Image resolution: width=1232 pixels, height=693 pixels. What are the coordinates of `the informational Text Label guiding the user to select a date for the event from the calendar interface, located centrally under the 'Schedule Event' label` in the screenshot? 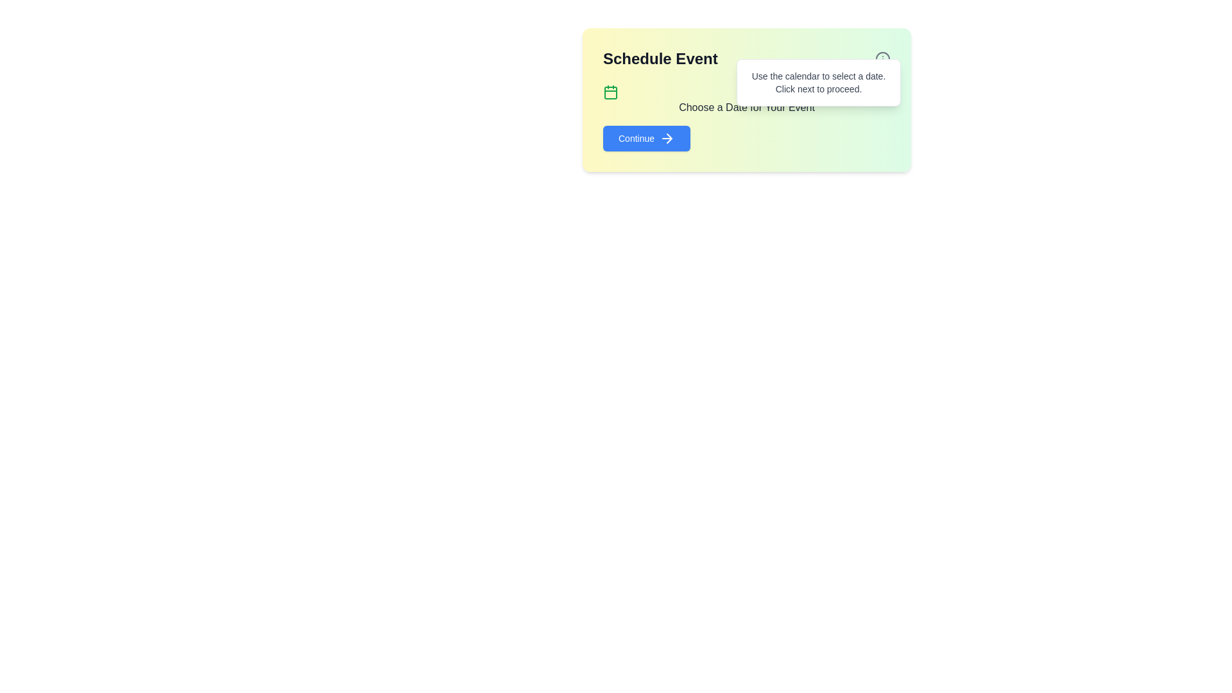 It's located at (746, 99).